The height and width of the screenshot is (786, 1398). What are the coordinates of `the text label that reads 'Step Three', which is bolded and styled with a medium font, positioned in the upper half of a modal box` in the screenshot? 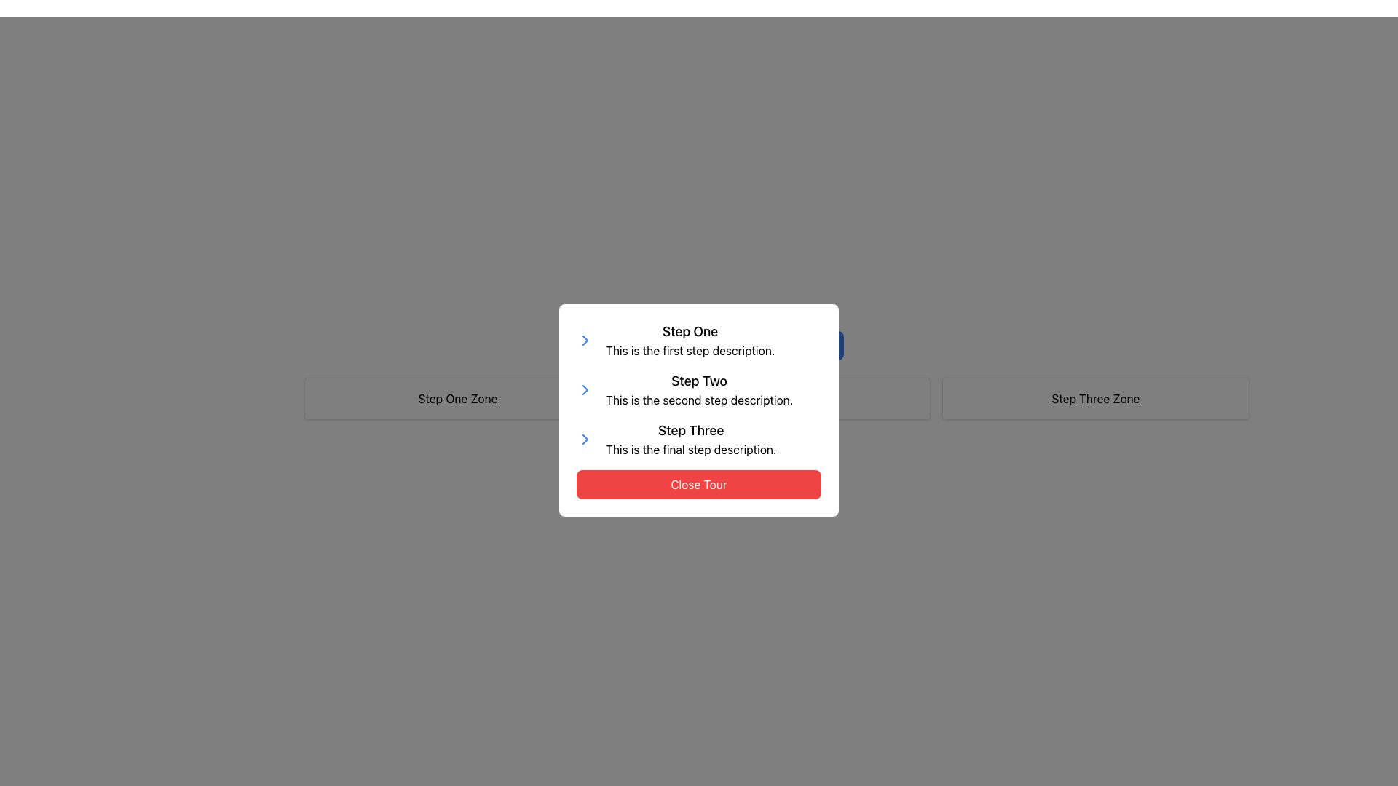 It's located at (690, 429).